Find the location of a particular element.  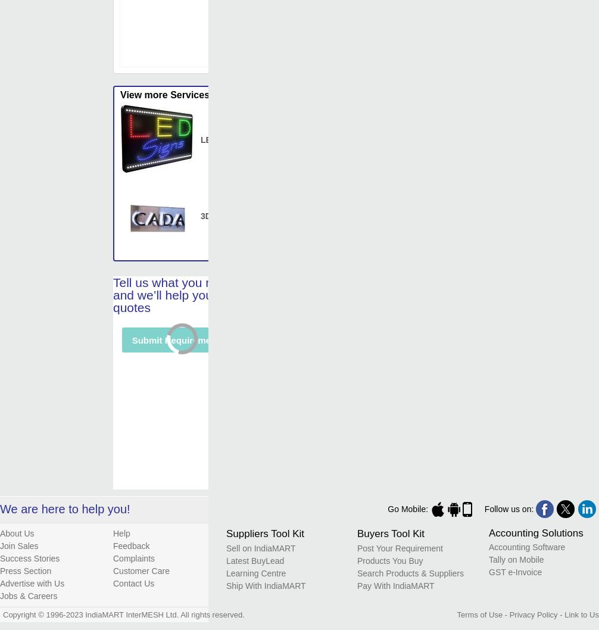

'Save Time! Get verified sellers exporting to China' is located at coordinates (247, 476).